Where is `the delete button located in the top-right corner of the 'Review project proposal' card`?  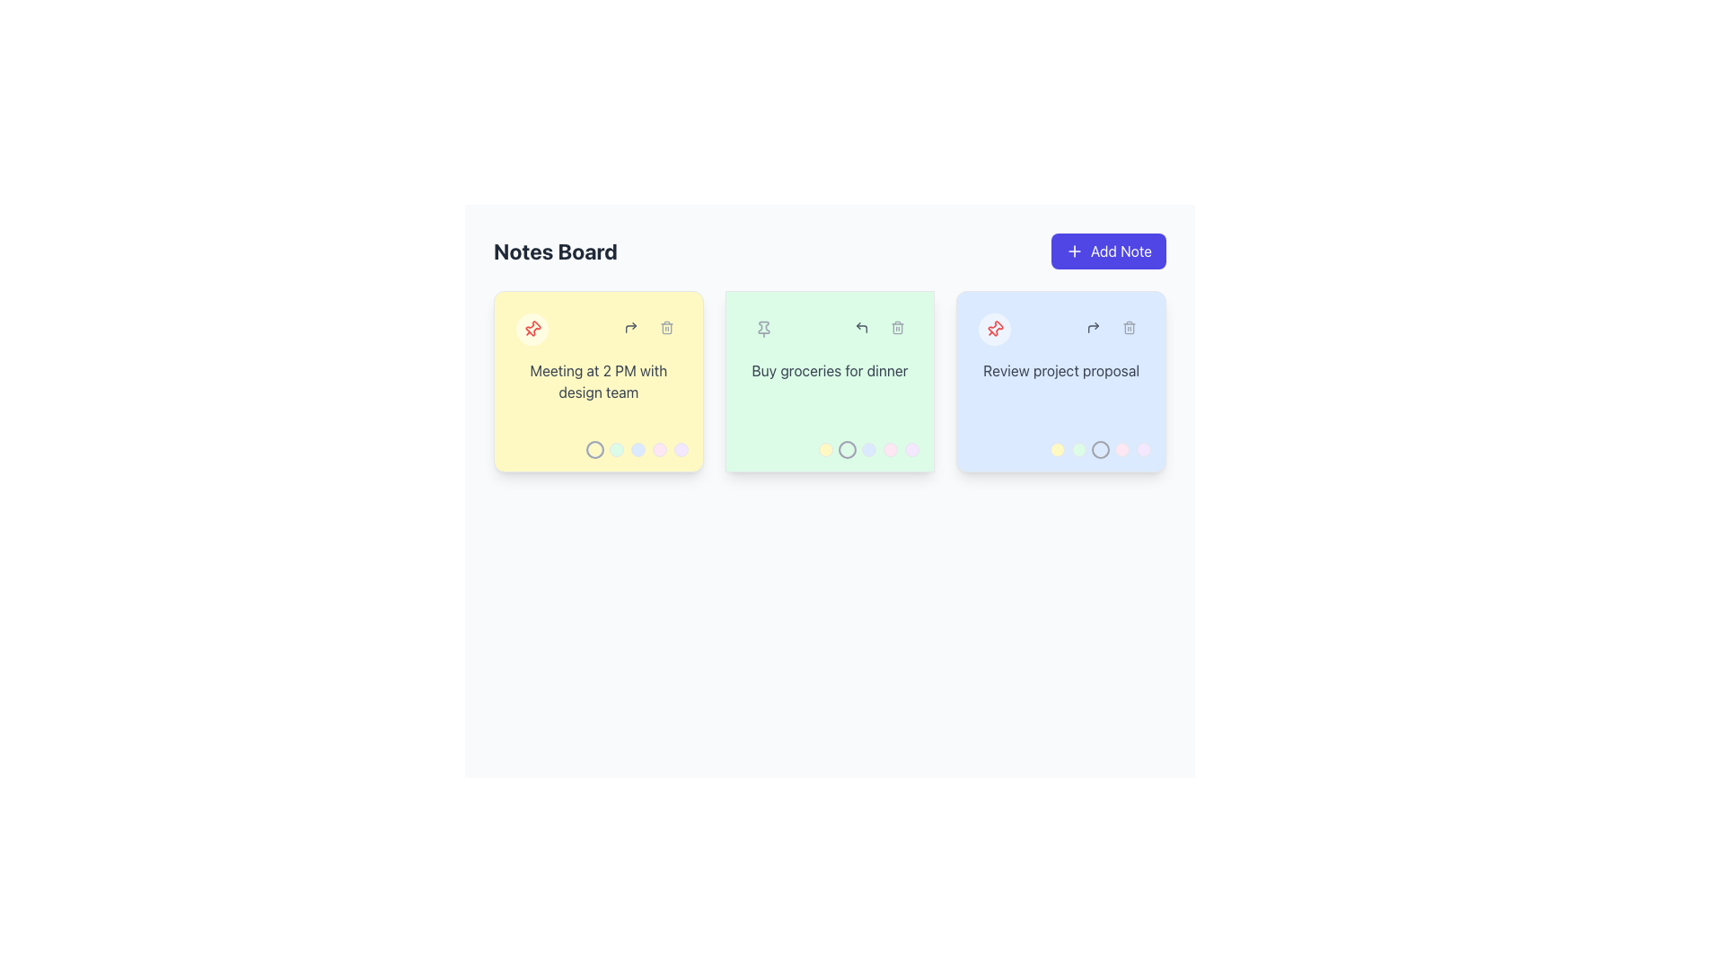 the delete button located in the top-right corner of the 'Review project proposal' card is located at coordinates (1128, 328).